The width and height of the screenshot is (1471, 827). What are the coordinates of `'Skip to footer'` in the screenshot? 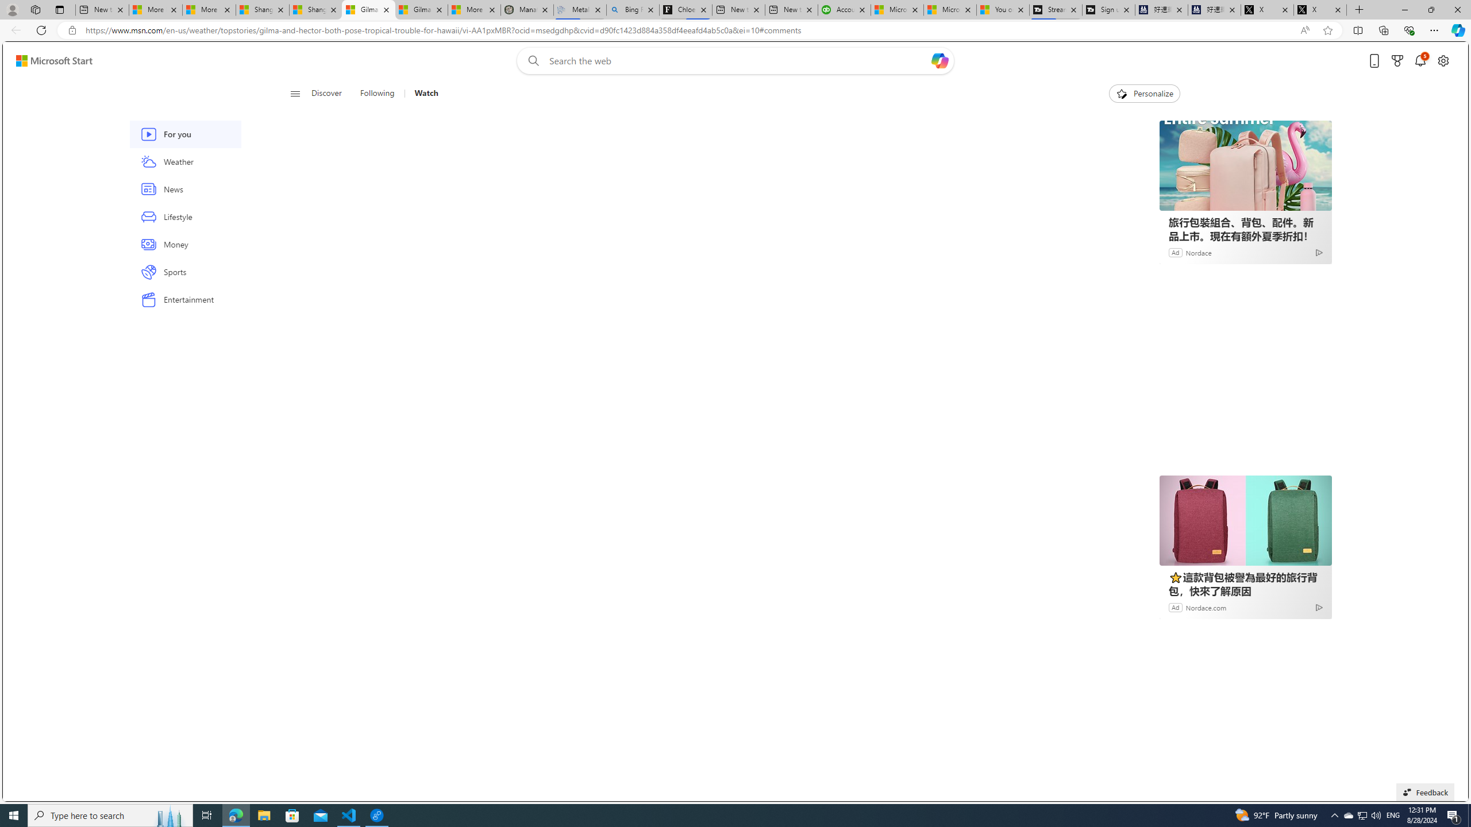 It's located at (47, 60).